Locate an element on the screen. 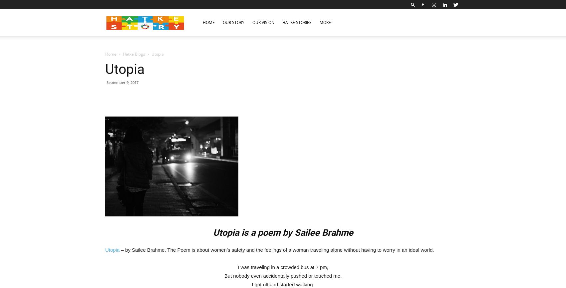 The image size is (566, 288). 'I got off and started walking.' is located at coordinates (282, 284).